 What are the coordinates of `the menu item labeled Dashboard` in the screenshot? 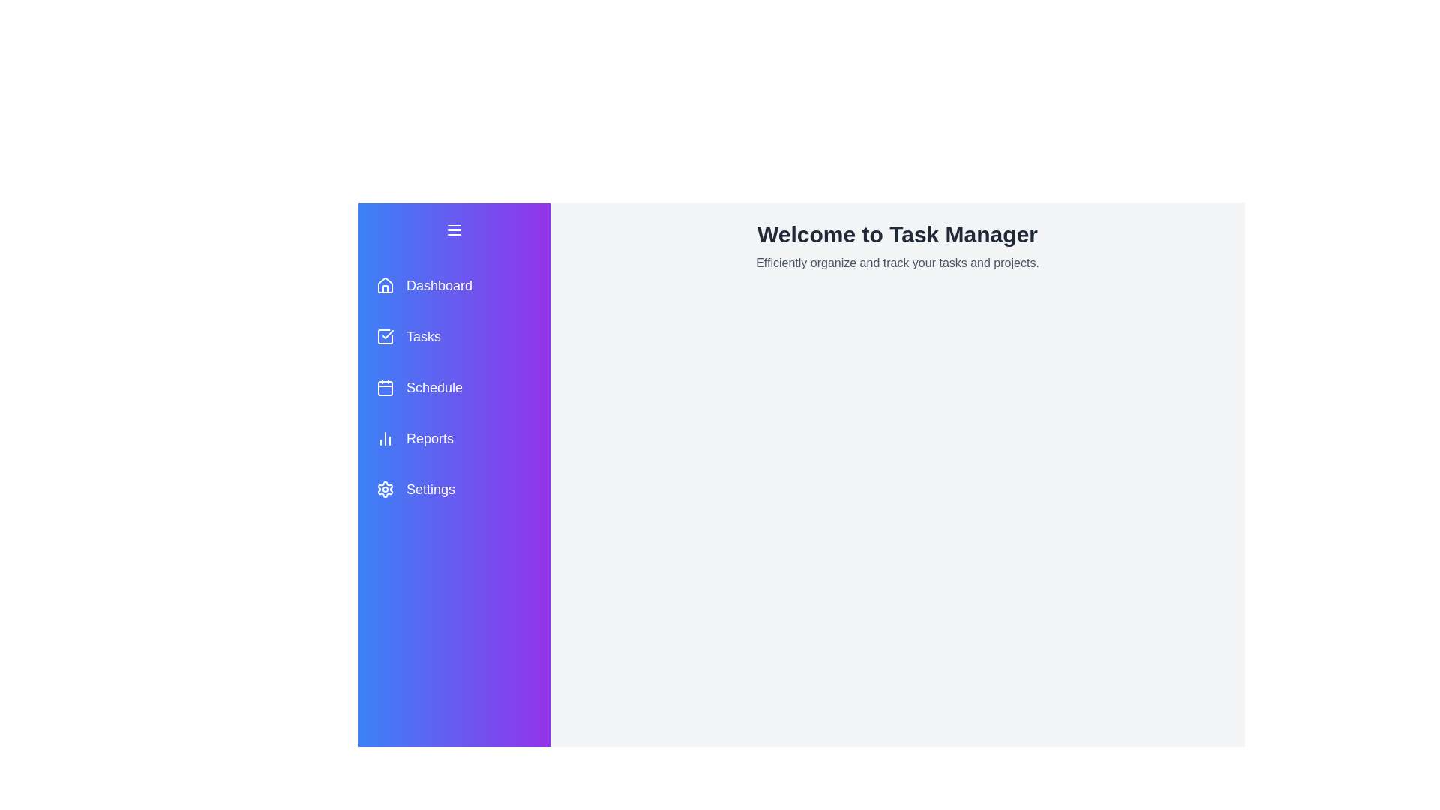 It's located at (453, 286).